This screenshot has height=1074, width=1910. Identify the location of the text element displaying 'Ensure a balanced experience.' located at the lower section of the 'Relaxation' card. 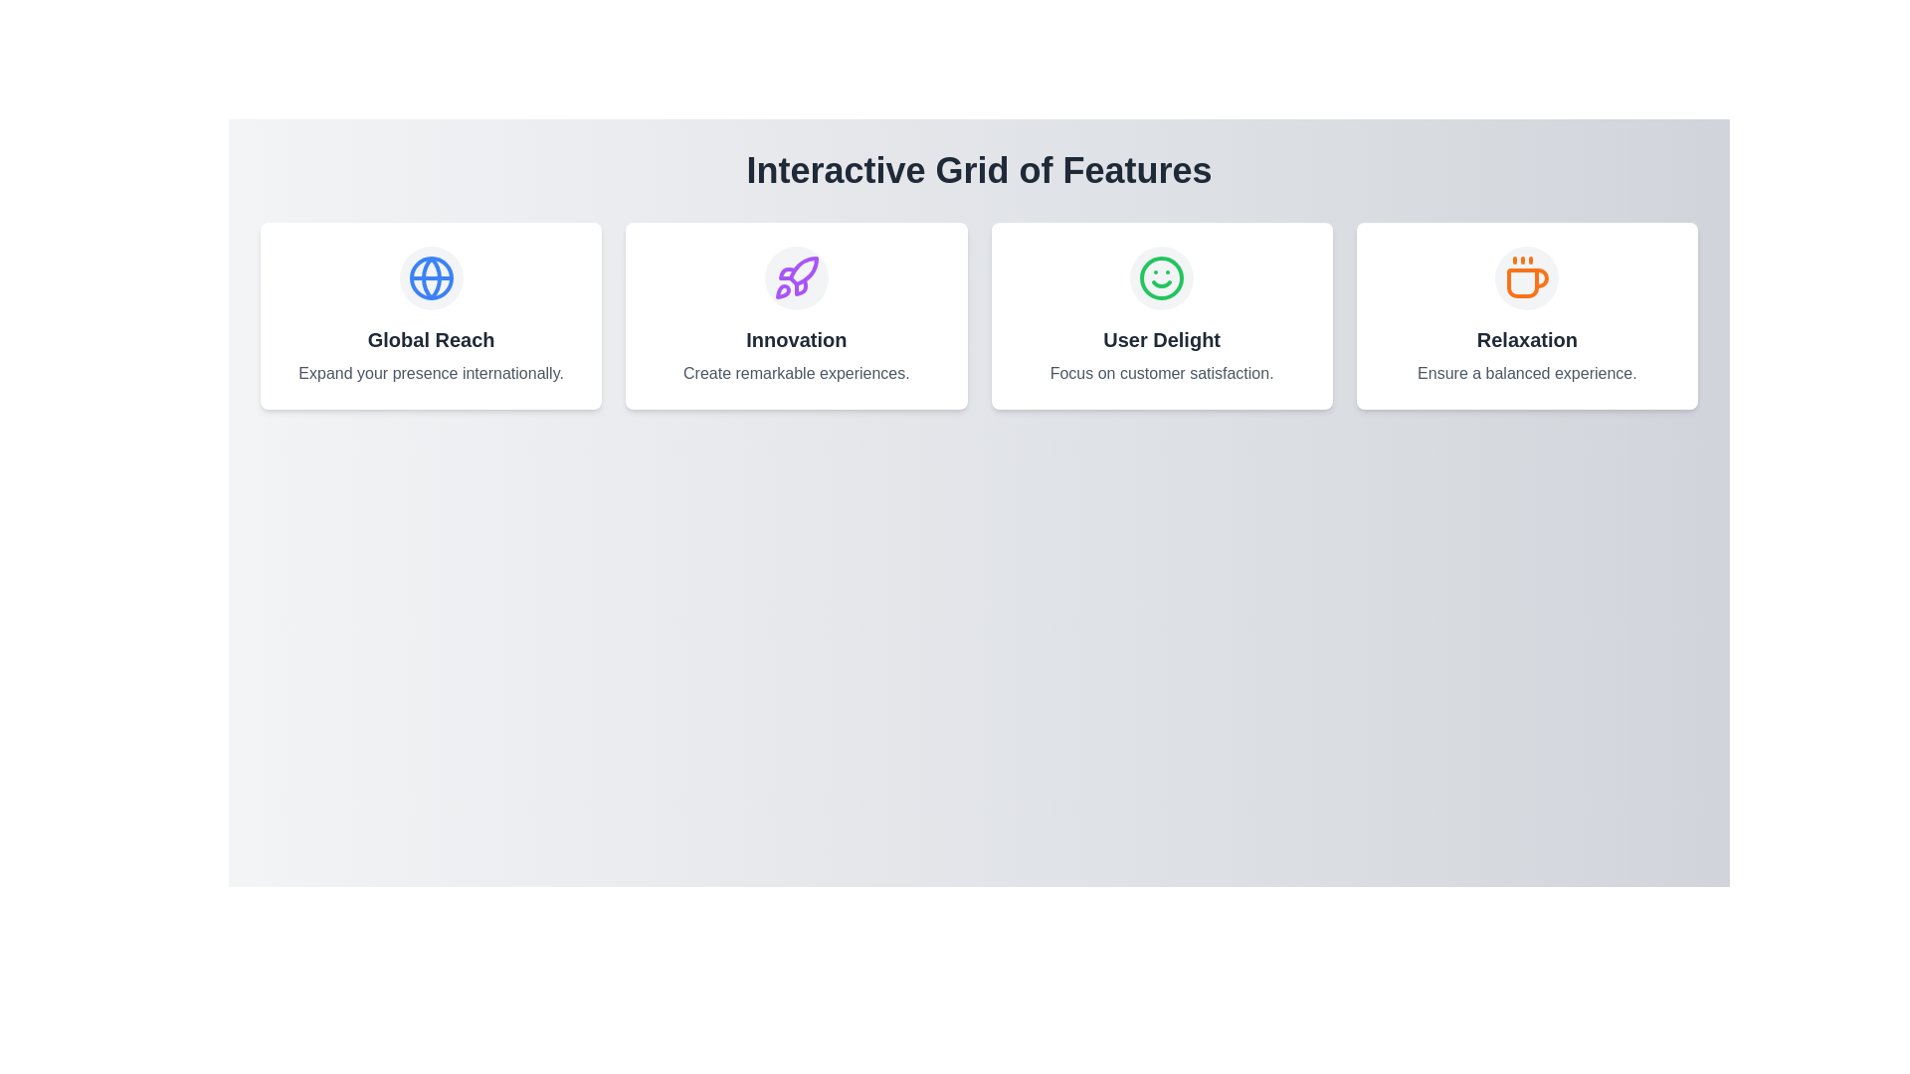
(1526, 373).